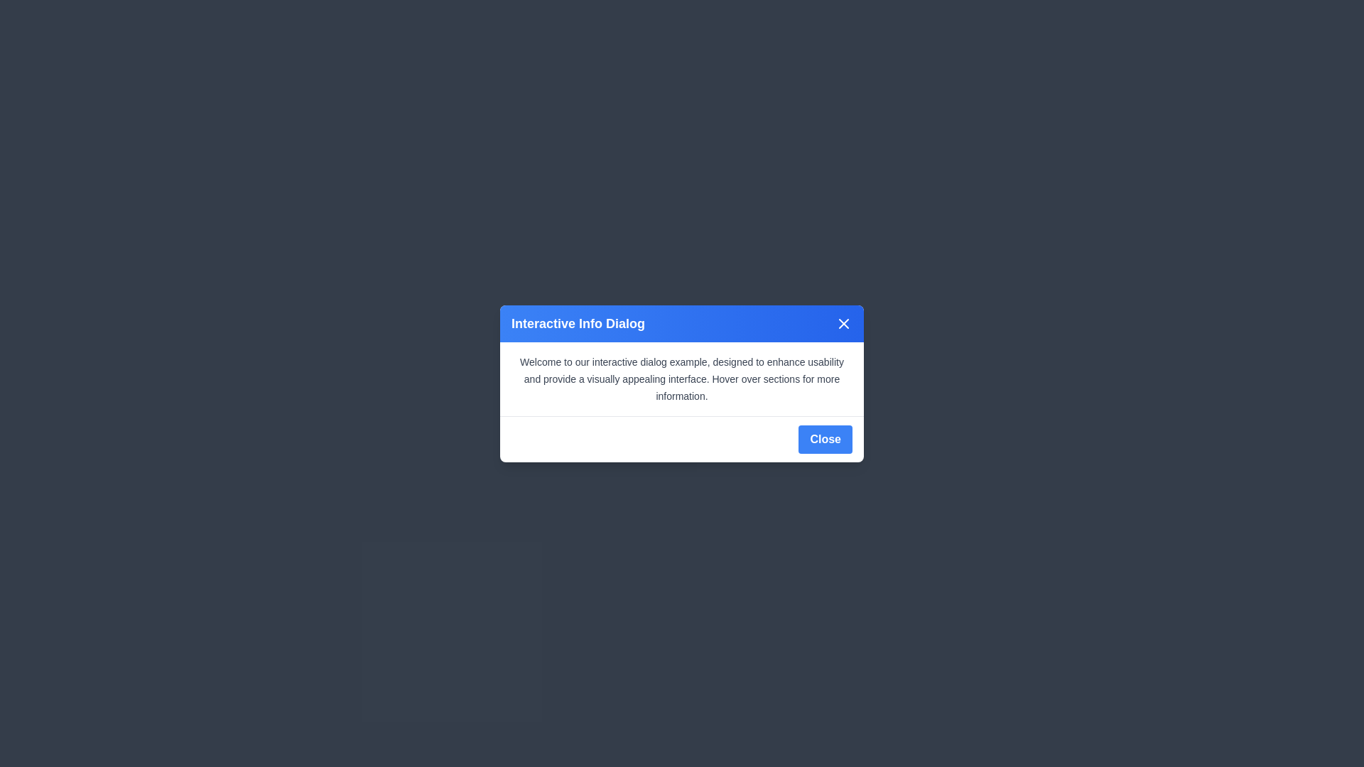  I want to click on close button in the dialog header, so click(844, 323).